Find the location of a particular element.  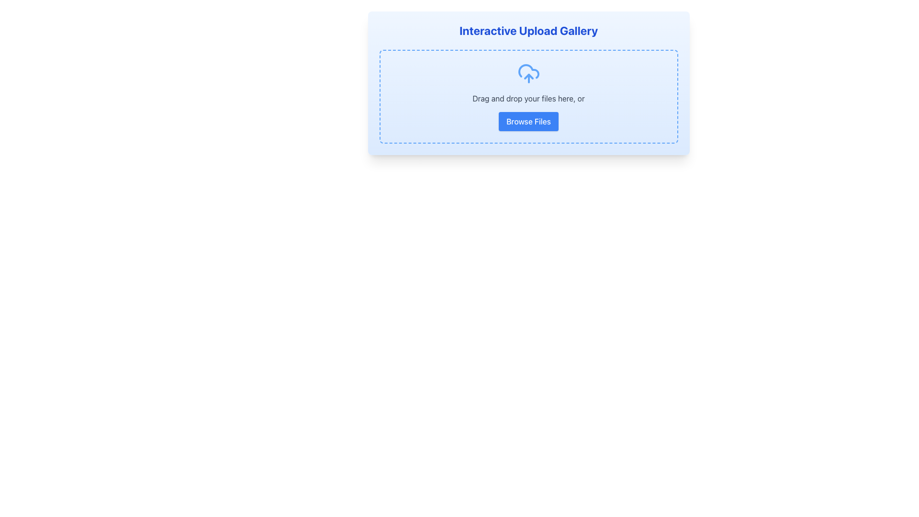

the blue cloud graphical element that indicates uploading, which is part of the upload interface is located at coordinates (528, 71).